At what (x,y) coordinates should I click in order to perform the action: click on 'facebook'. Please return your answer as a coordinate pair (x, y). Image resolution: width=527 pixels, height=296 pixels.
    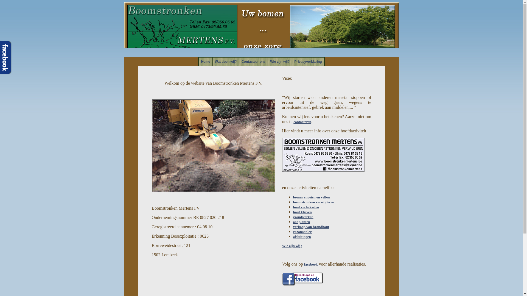
    Looking at the image, I should click on (311, 264).